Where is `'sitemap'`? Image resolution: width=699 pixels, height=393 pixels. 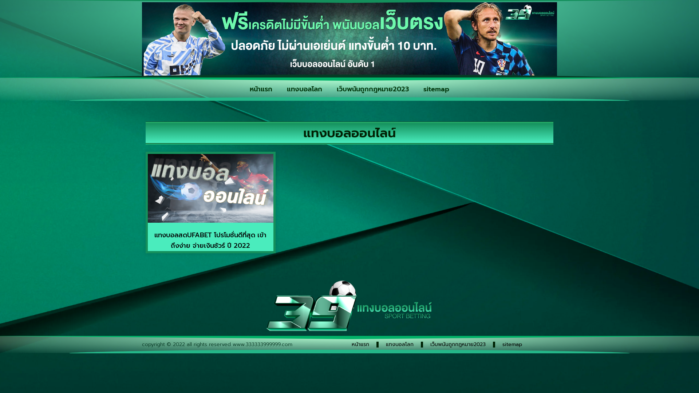
'sitemap' is located at coordinates (416, 89).